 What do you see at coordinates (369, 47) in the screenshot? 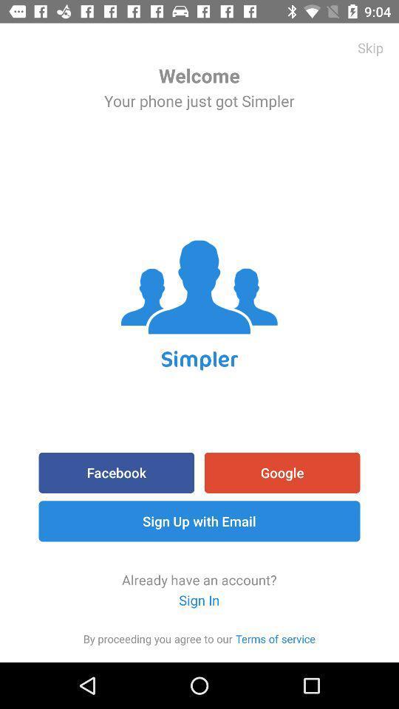
I see `icon next to welcome item` at bounding box center [369, 47].